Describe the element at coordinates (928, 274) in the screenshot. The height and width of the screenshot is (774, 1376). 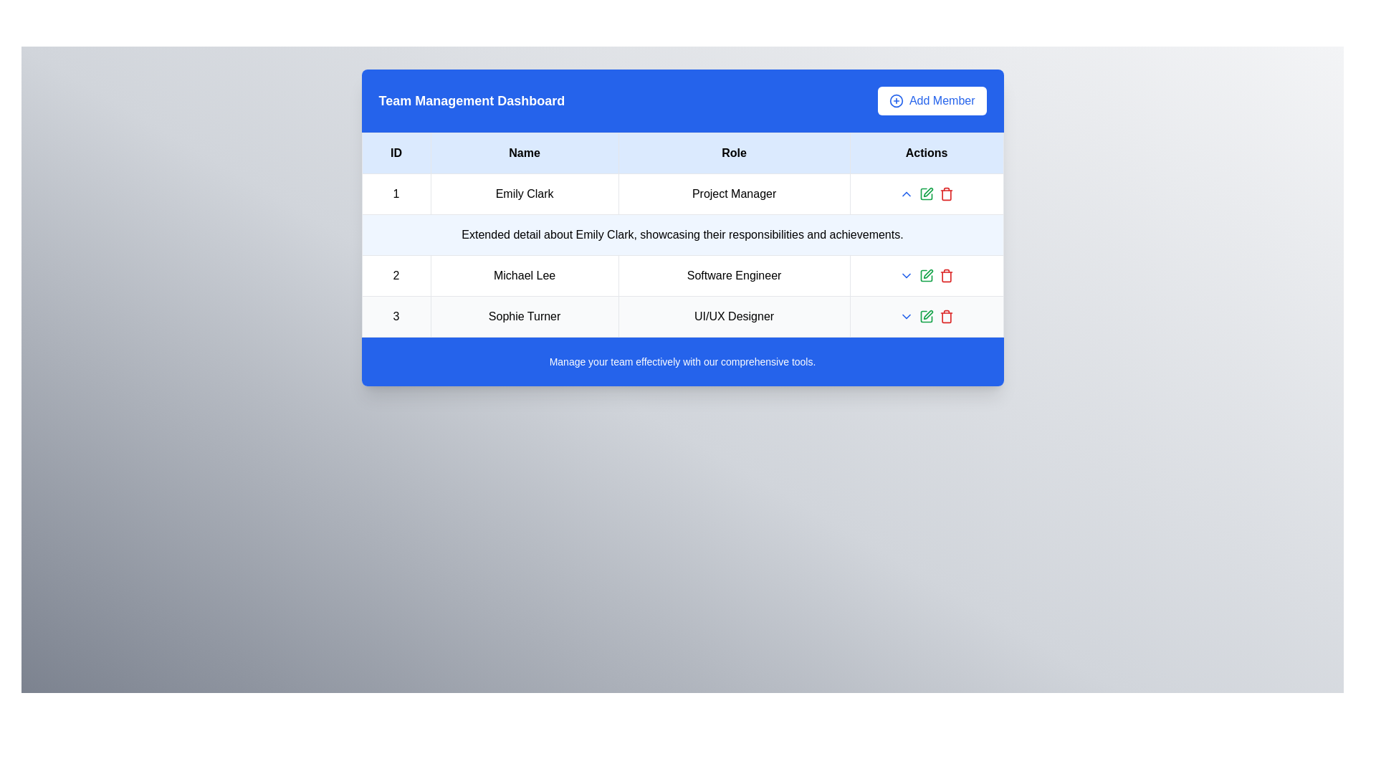
I see `the Edit or Pen Icon in the Actions column of the row for 'Michael Lee'` at that location.